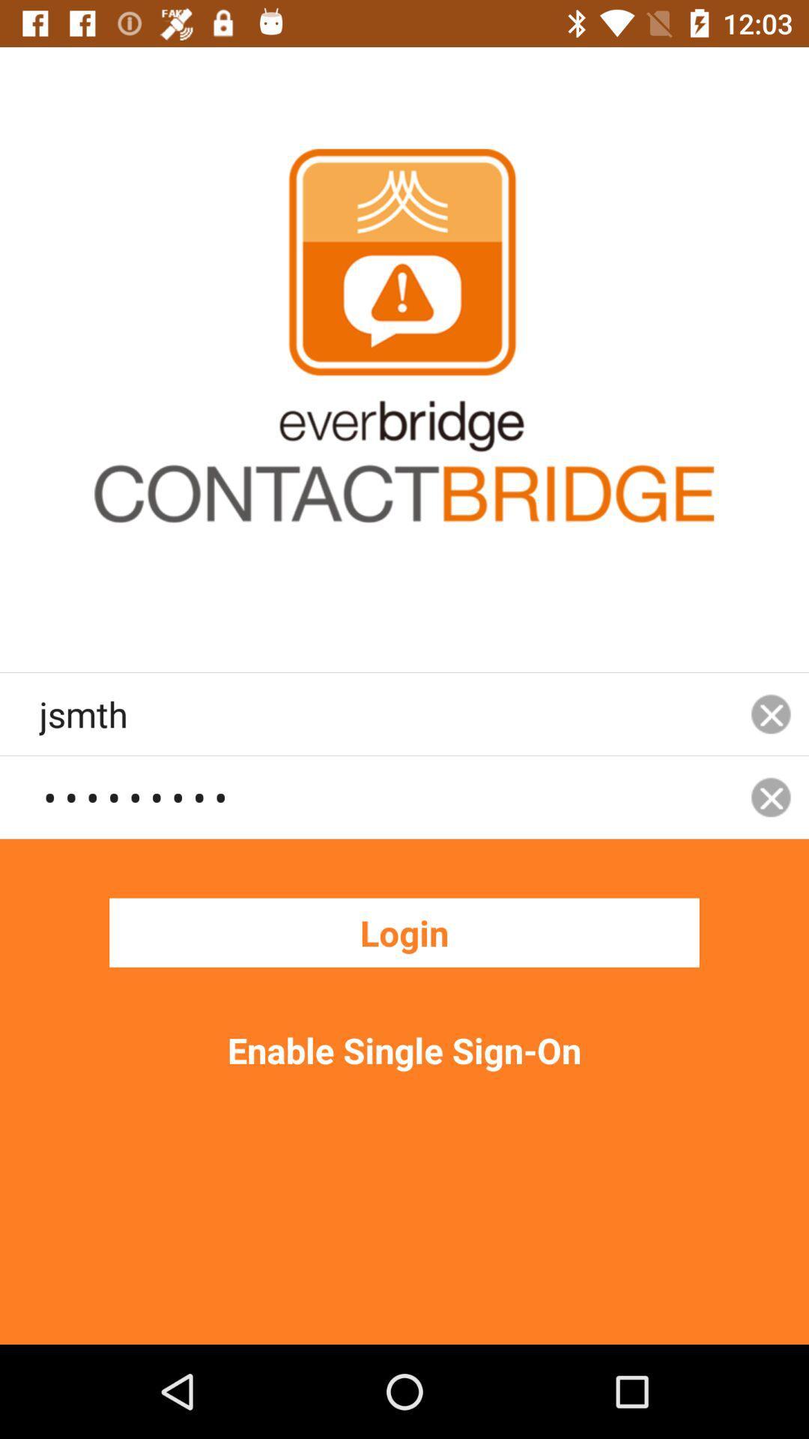 Image resolution: width=809 pixels, height=1439 pixels. Describe the element at coordinates (385, 713) in the screenshot. I see `the jsmth` at that location.